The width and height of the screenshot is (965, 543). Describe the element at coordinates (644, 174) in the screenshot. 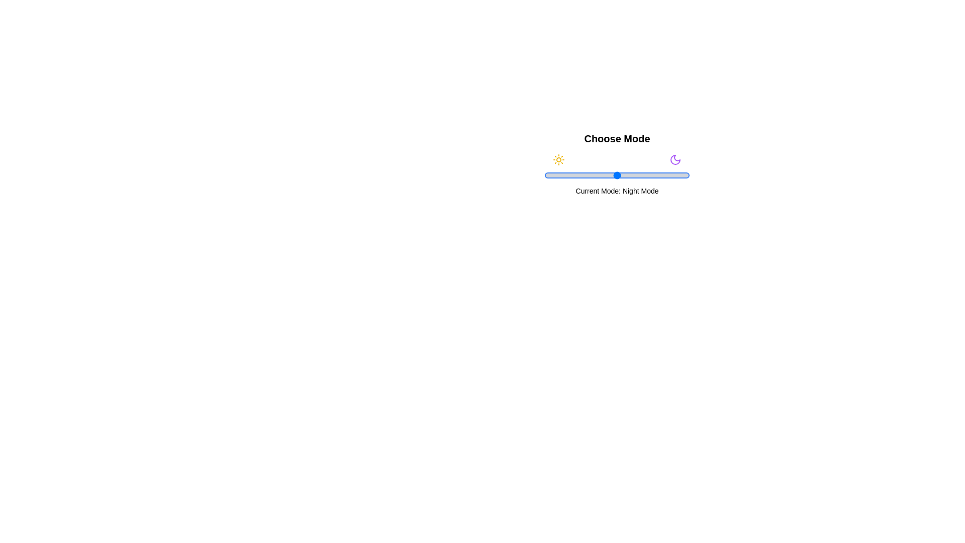

I see `the slider to 69% to set the mode` at that location.